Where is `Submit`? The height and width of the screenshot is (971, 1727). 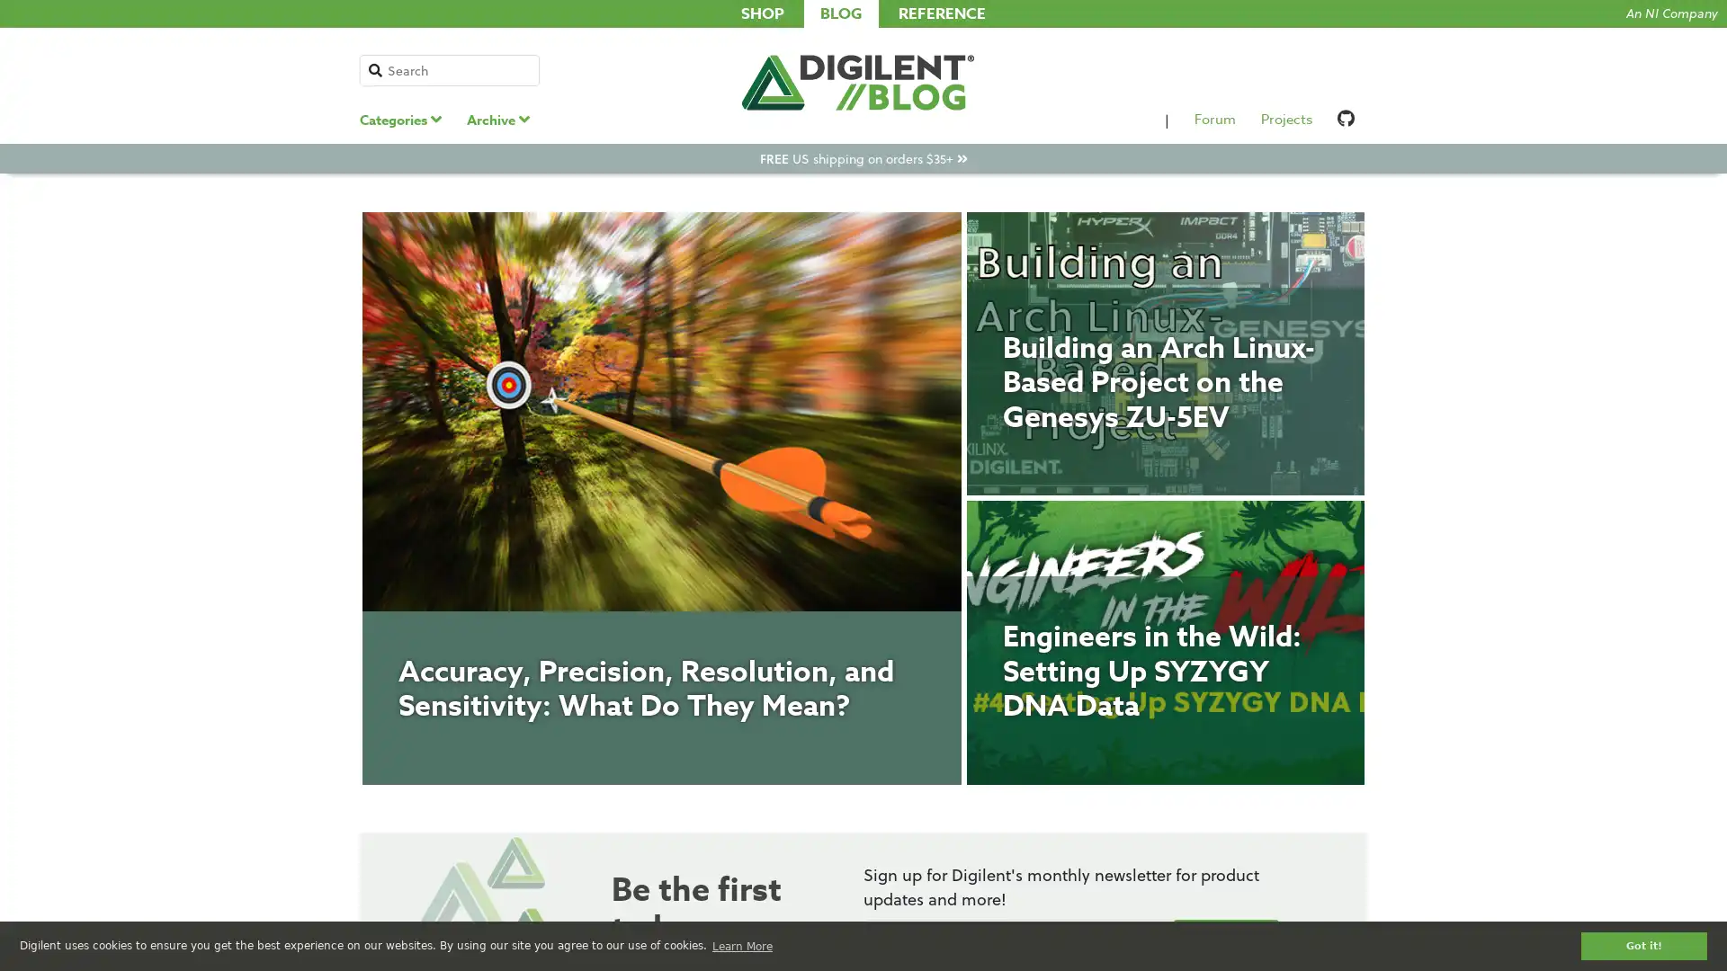 Submit is located at coordinates (1224, 931).